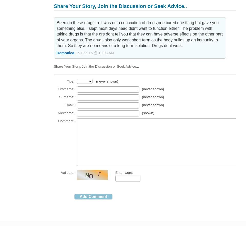 This screenshot has height=226, width=246. Describe the element at coordinates (139, 34) in the screenshot. I see `'Been on these drugs to. I was on a concoxtion of drugs,one cured one thing but gave you something else. 
I slept most days,head didnt want to function either. The problem with taking drugs is that the drs dont tell you that they can have adverse effects on the other part of your organs. 
The drugs also only work short term as the body builds up an immunity to them. So they are no means of a long term solution. 
Drugs dont work.'` at that location.